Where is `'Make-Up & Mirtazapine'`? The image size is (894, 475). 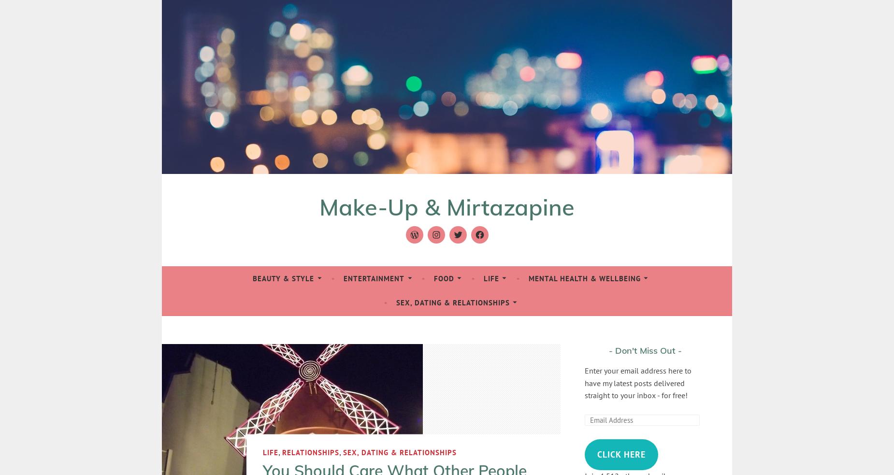
'Make-Up & Mirtazapine' is located at coordinates (319, 206).